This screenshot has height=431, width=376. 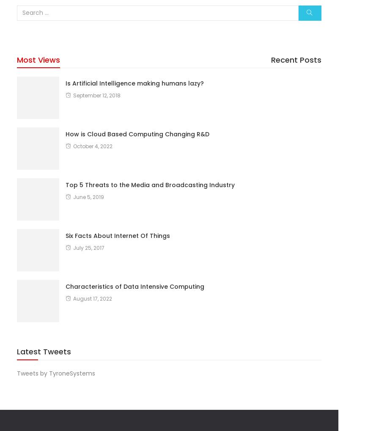 I want to click on 'July 25, 2017', so click(x=73, y=247).